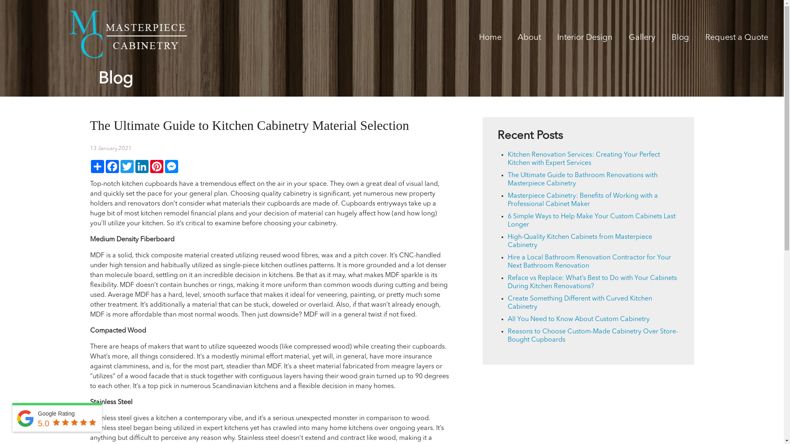  Describe the element at coordinates (164, 166) in the screenshot. I see `'Messenger'` at that location.